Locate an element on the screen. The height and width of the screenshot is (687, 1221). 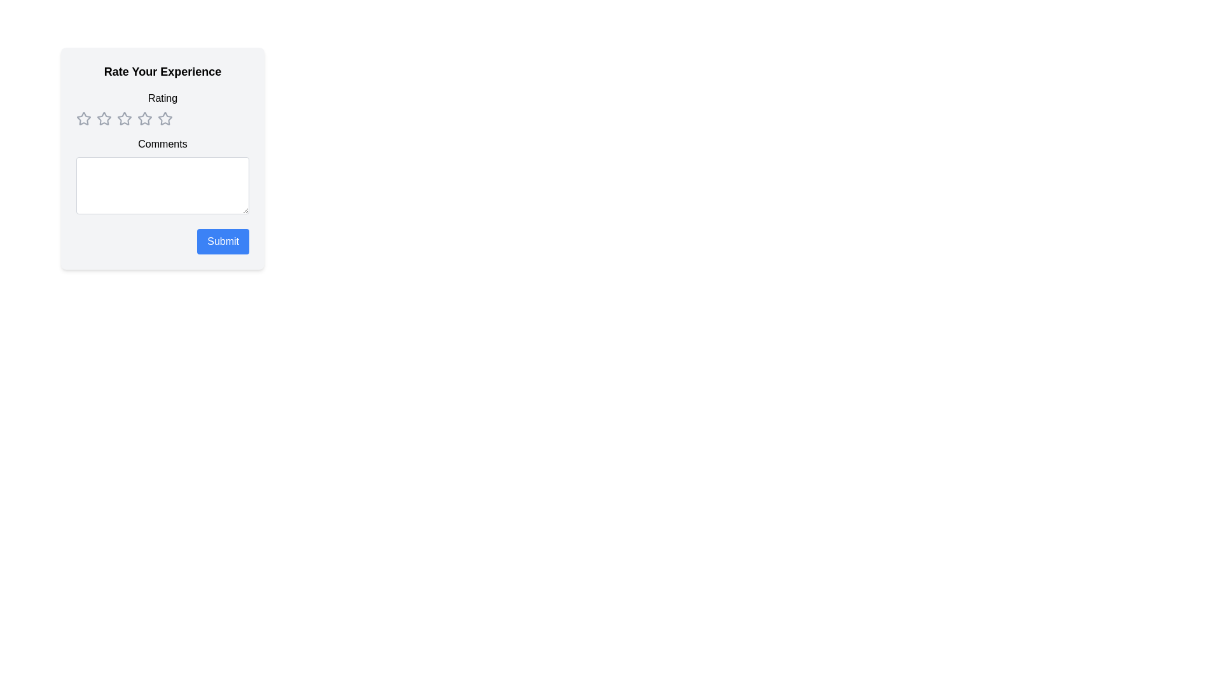
the third star icon in the rating system is located at coordinates (144, 118).